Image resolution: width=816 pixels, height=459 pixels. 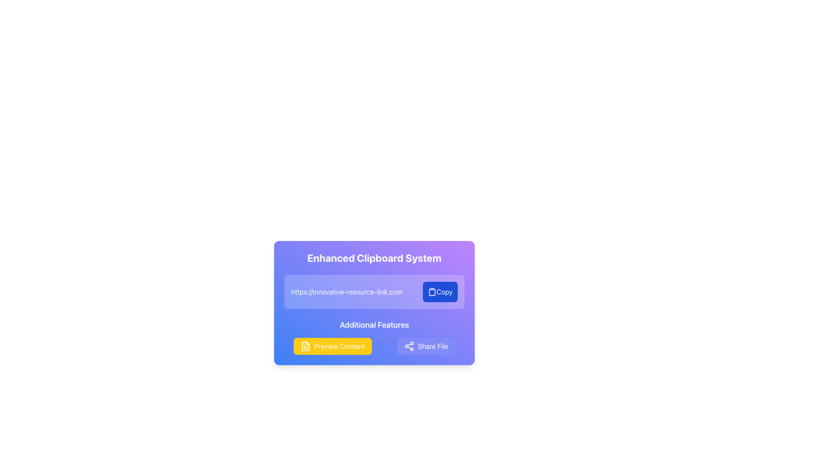 What do you see at coordinates (440, 291) in the screenshot?
I see `the button located to the far right of the text input field that copies the displayed URL` at bounding box center [440, 291].